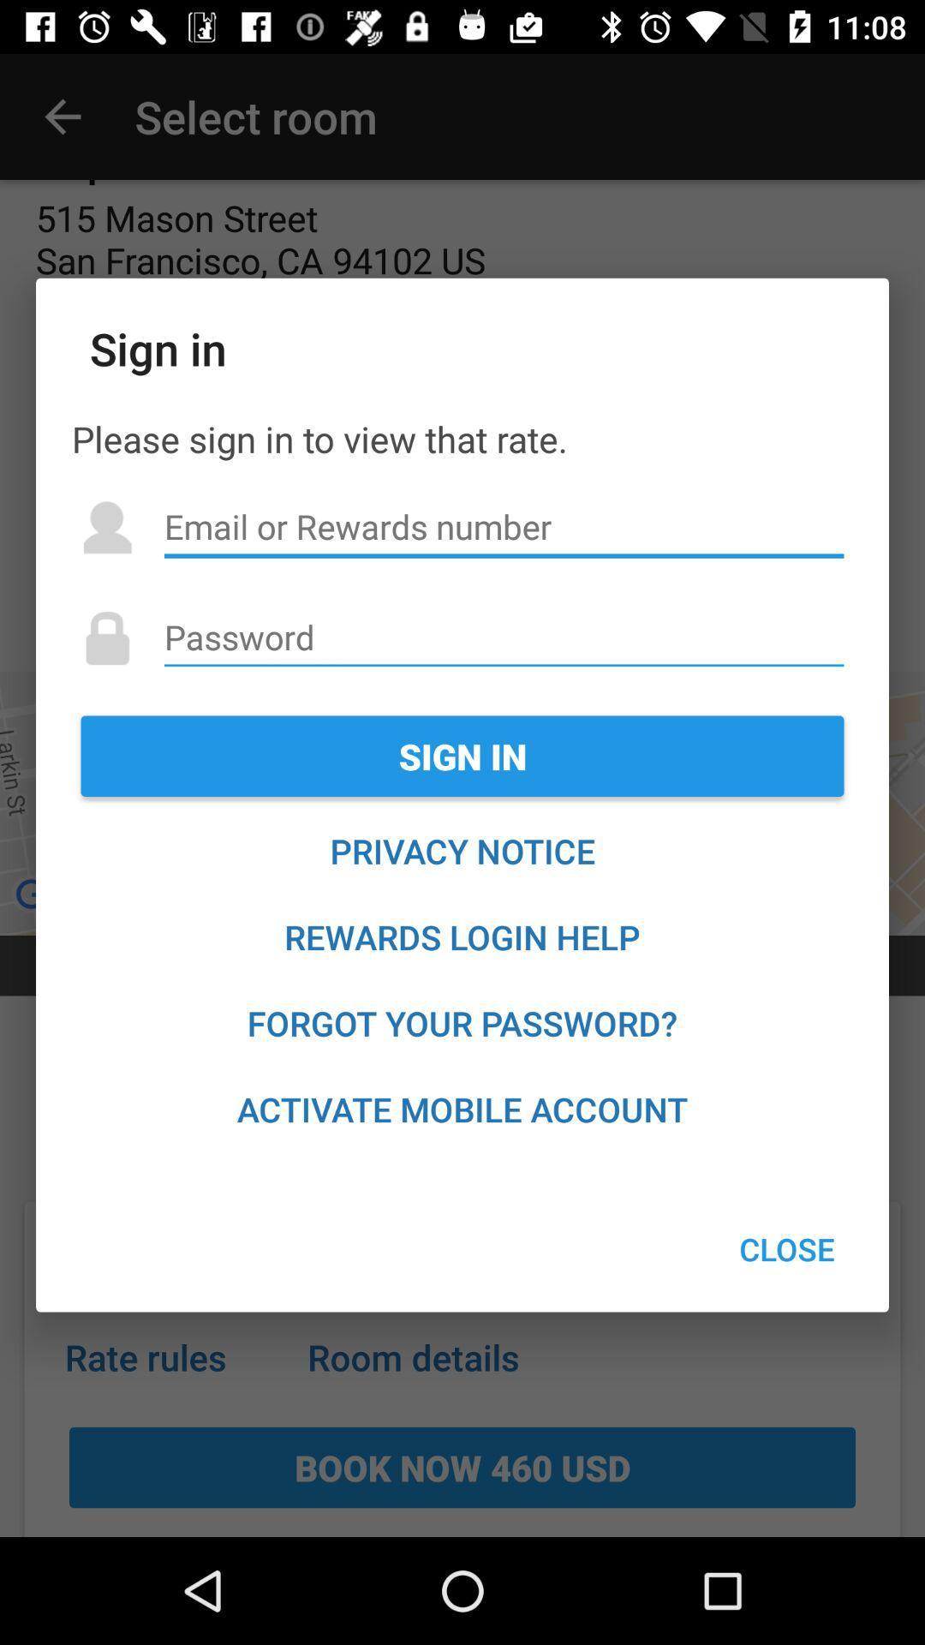  Describe the element at coordinates (787, 1249) in the screenshot. I see `icon below activate mobile account icon` at that location.